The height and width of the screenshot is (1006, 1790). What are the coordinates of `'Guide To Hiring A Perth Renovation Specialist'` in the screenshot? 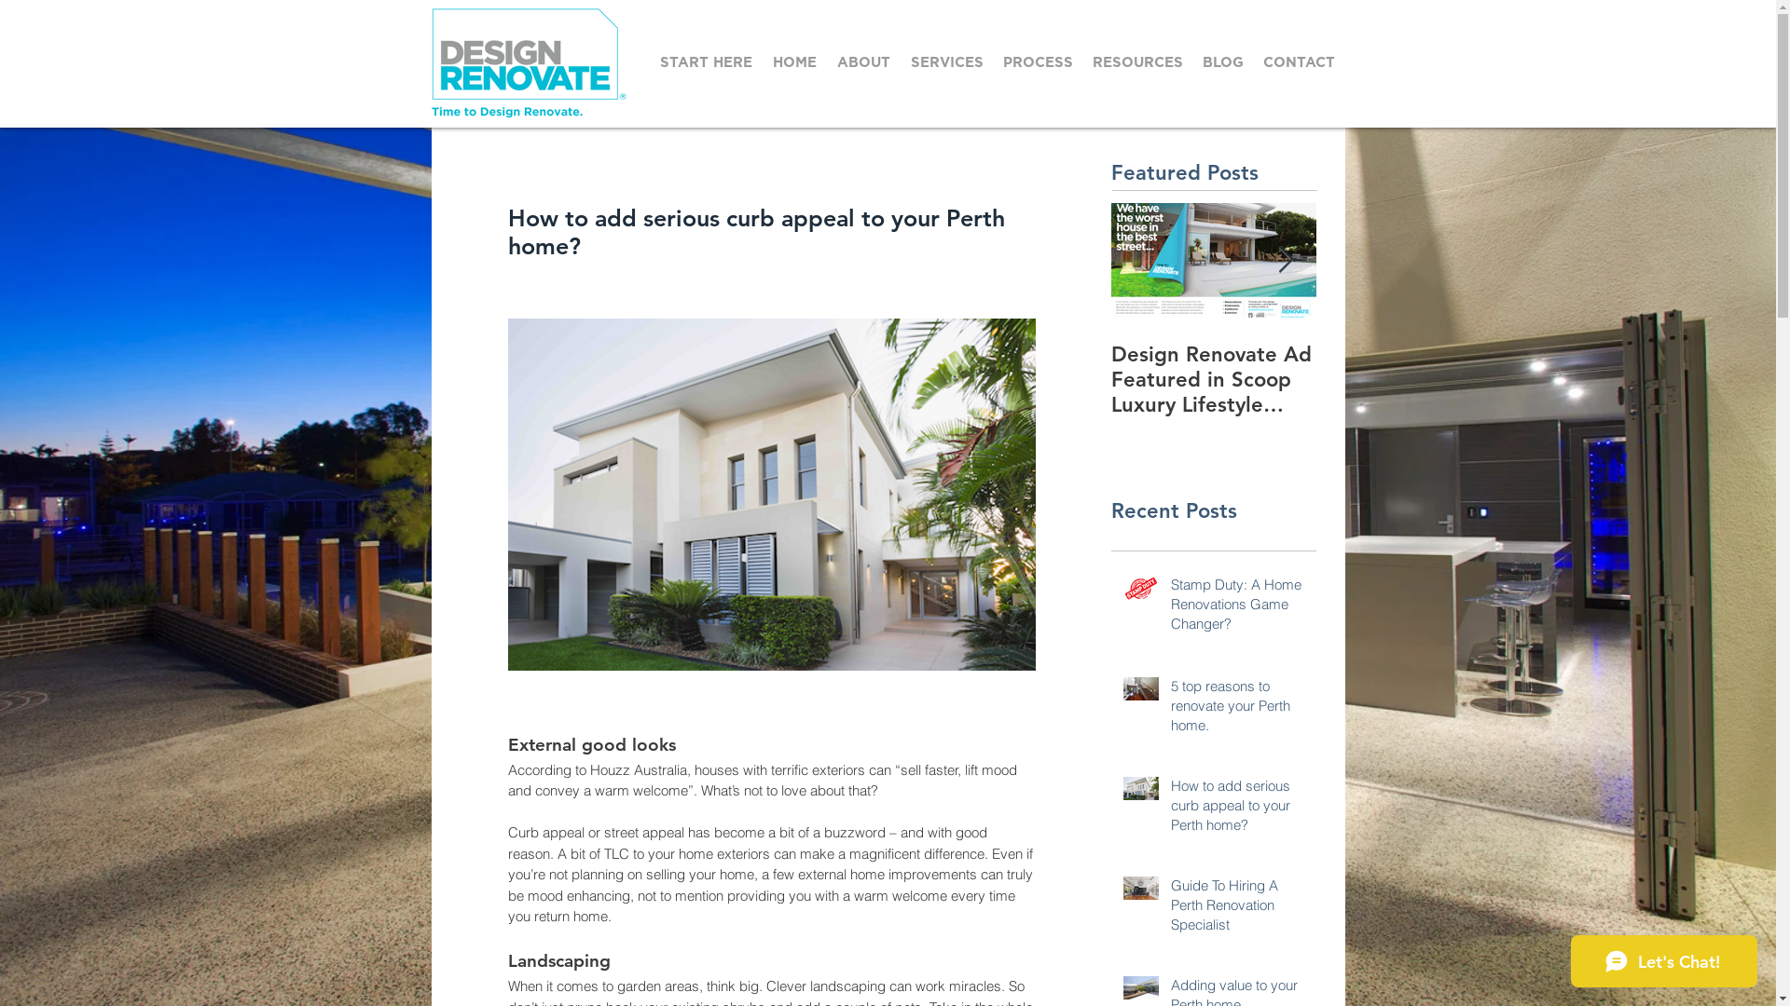 It's located at (1170, 907).